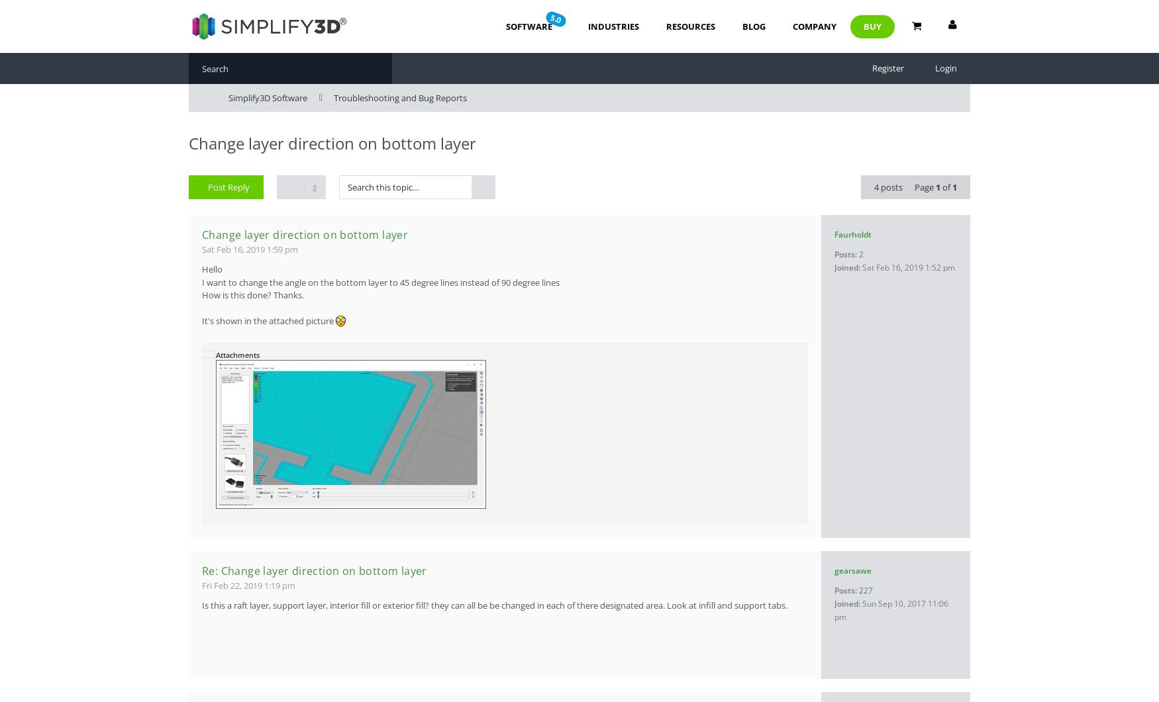 The image size is (1159, 702). What do you see at coordinates (495, 605) in the screenshot?
I see `'Is this a raft layer, support layer, interior fill or exterior fill? they can all be be changed in each of there designated area. Look at infill and support tabs.'` at bounding box center [495, 605].